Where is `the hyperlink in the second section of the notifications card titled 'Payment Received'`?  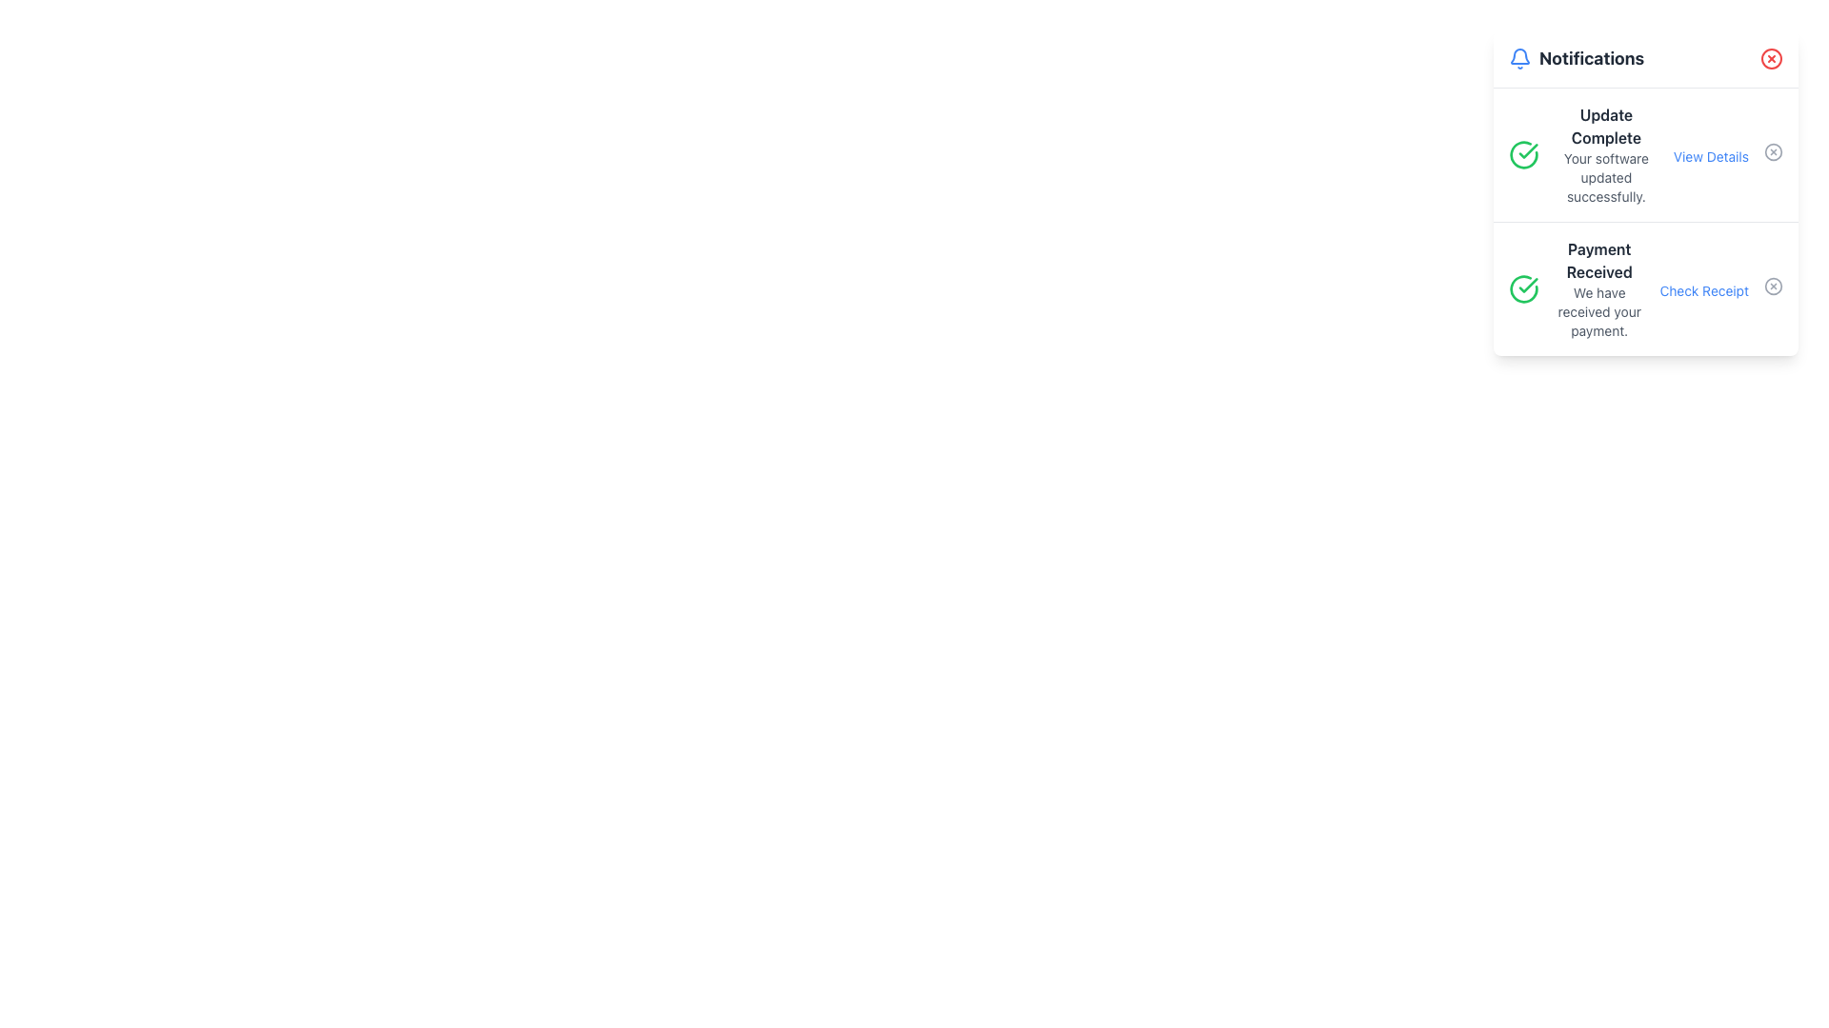
the hyperlink in the second section of the notifications card titled 'Payment Received' is located at coordinates (1721, 289).